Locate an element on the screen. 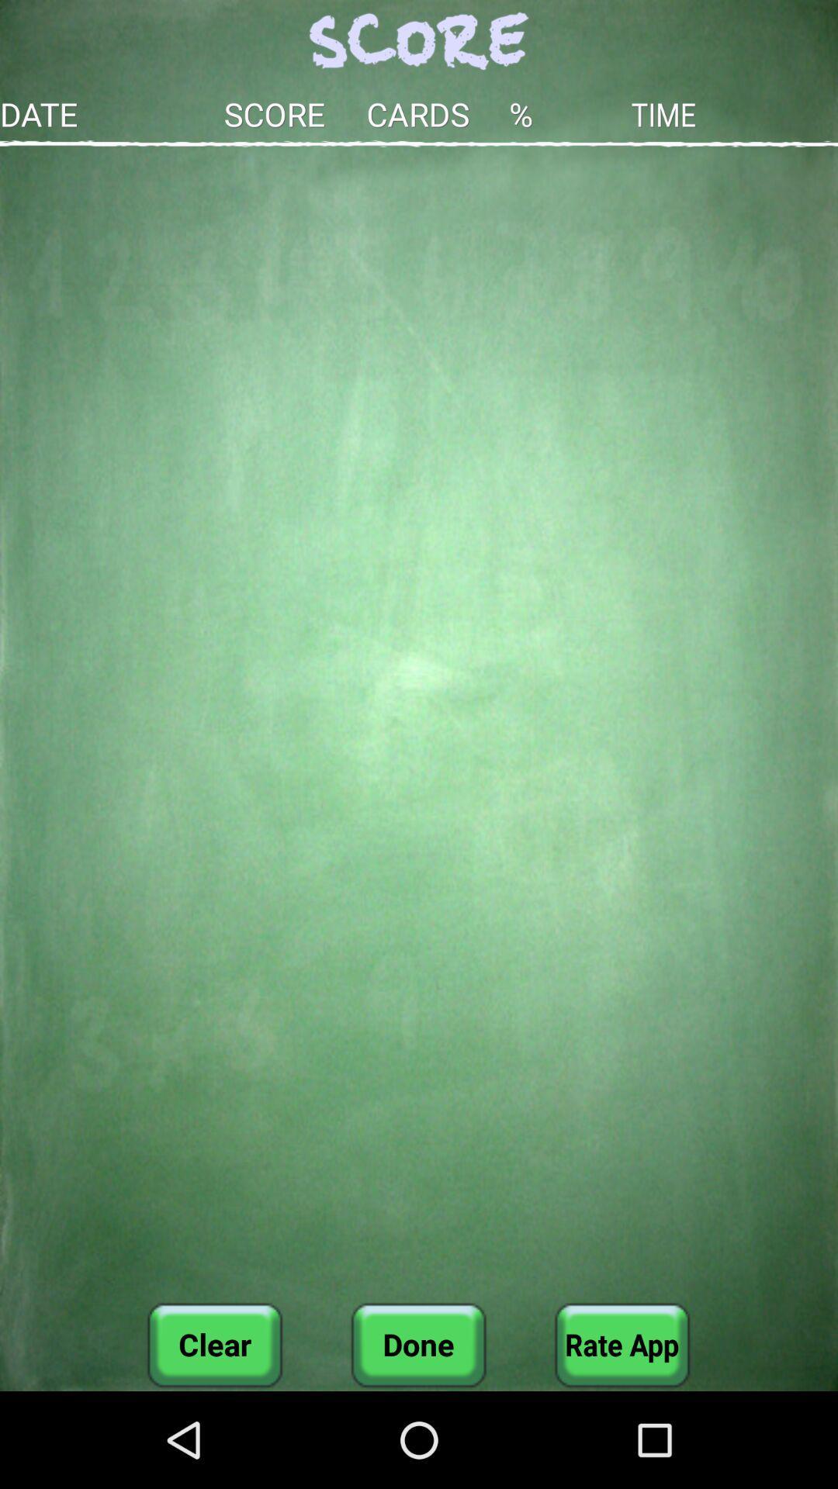 This screenshot has height=1489, width=838. done is located at coordinates (417, 1344).